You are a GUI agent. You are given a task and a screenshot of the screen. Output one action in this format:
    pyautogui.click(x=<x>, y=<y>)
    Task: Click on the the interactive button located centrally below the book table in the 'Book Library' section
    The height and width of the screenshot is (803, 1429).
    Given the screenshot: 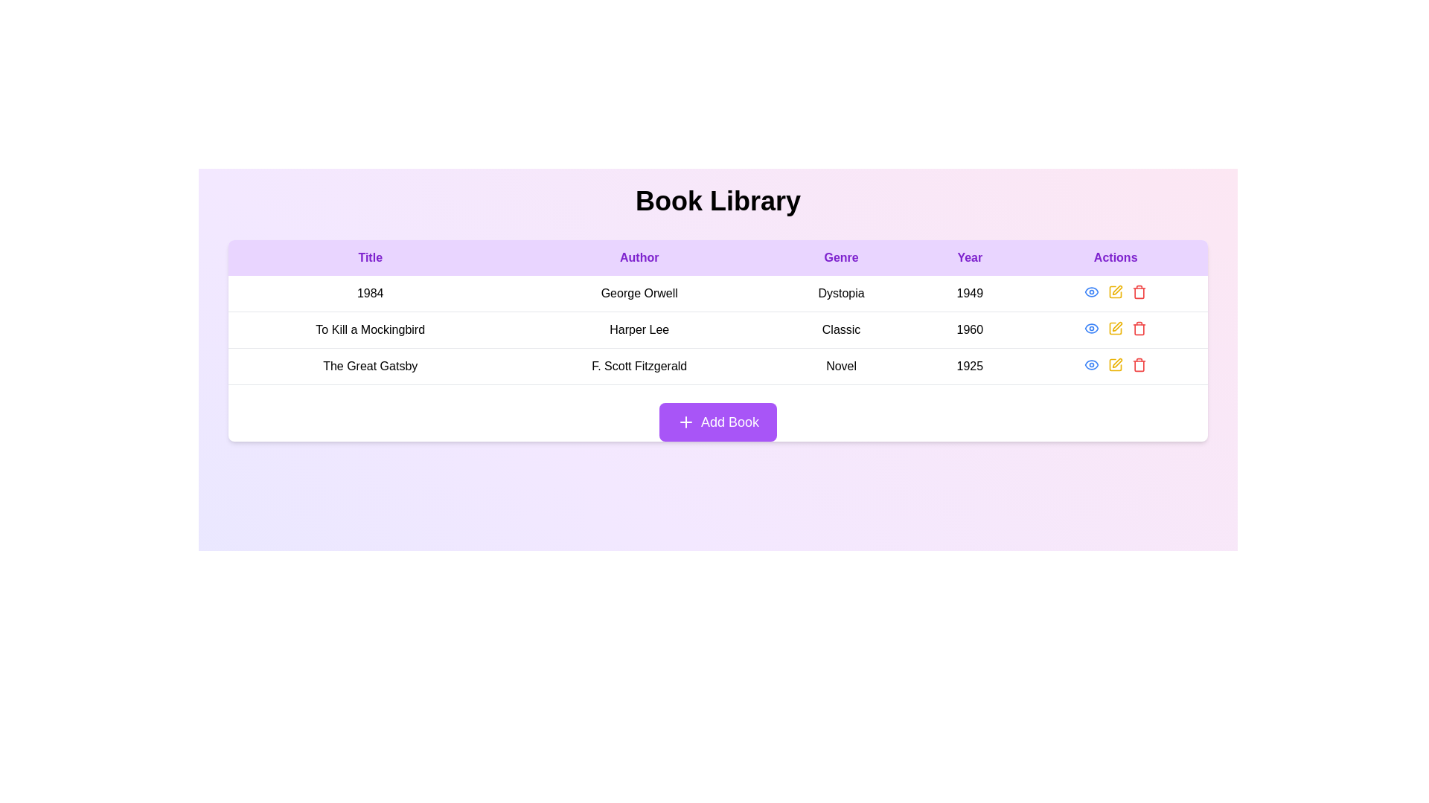 What is the action you would take?
    pyautogui.click(x=717, y=422)
    